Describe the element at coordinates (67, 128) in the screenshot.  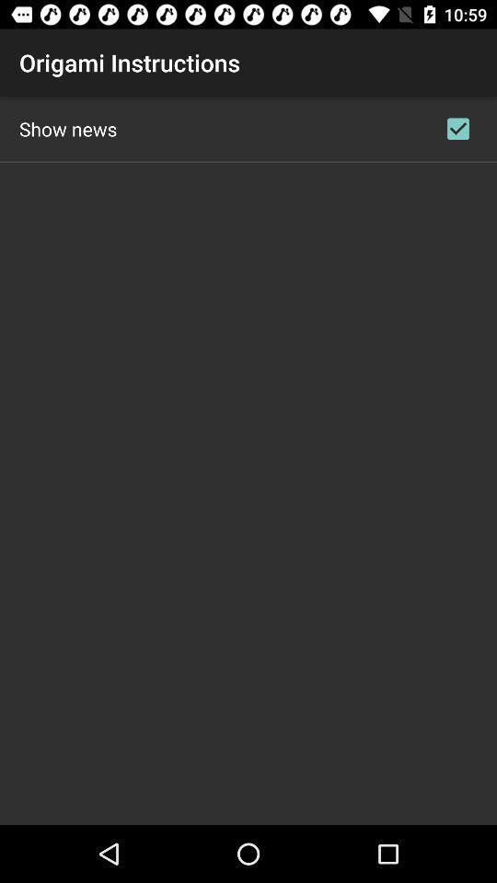
I see `the show news` at that location.